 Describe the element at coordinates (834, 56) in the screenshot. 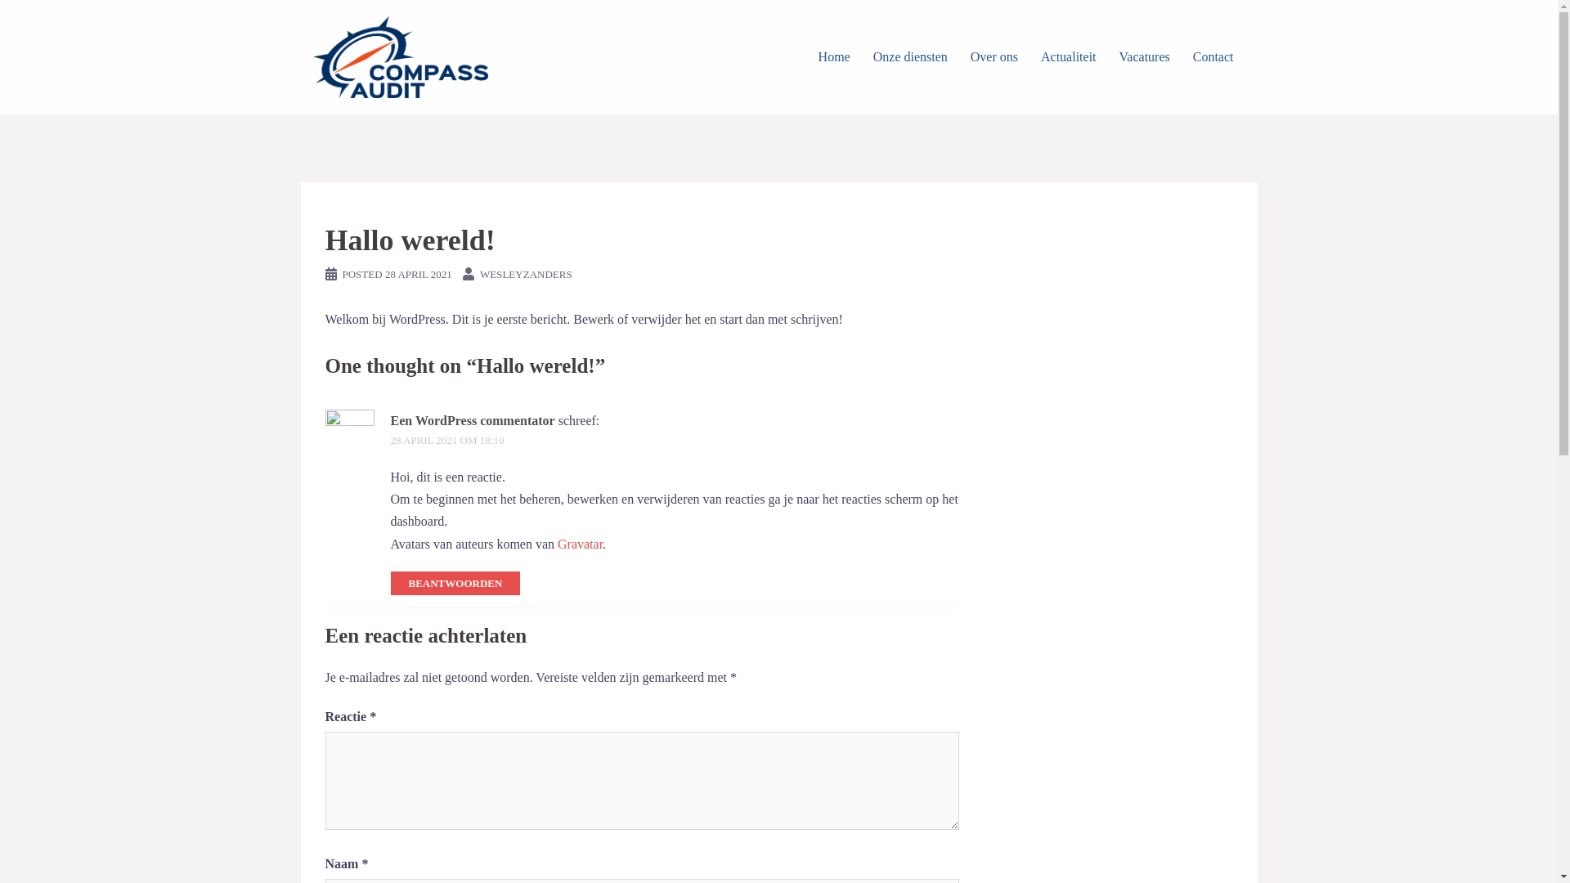

I see `'Home'` at that location.